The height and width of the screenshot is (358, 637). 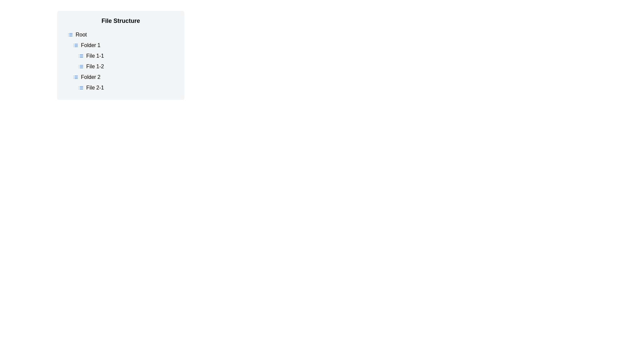 I want to click on the small rectangular icon with a blue outline located to the left of the text 'File 2-1', which resembles a list icon, so click(x=81, y=88).